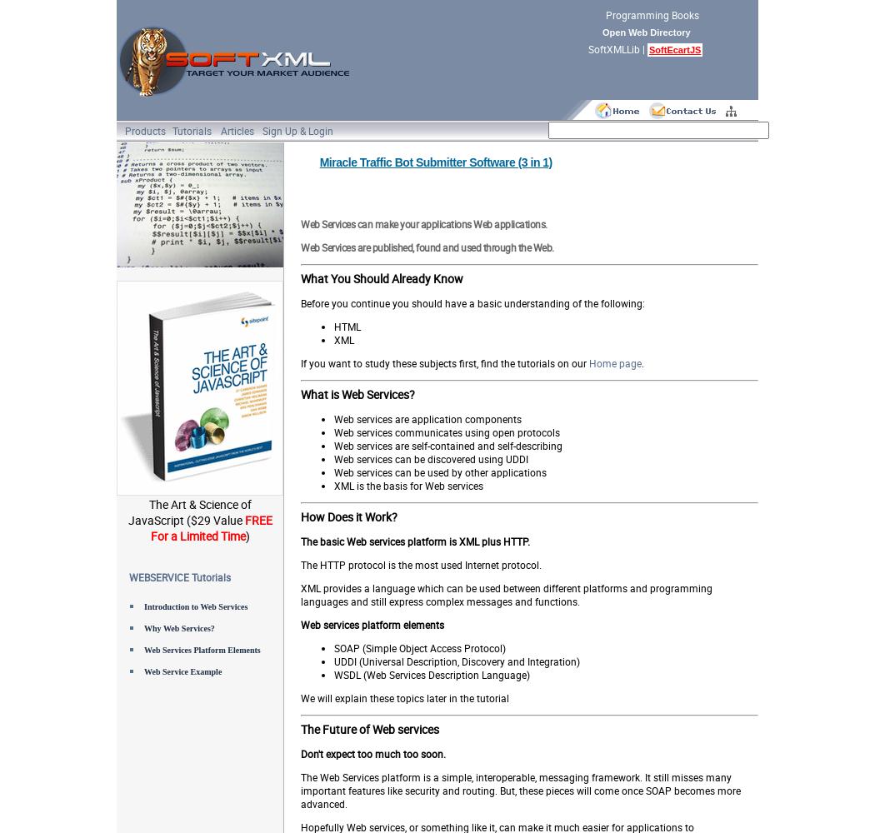  What do you see at coordinates (445, 363) in the screenshot?
I see `'If you want to study these subjects first, find the tutorials on our'` at bounding box center [445, 363].